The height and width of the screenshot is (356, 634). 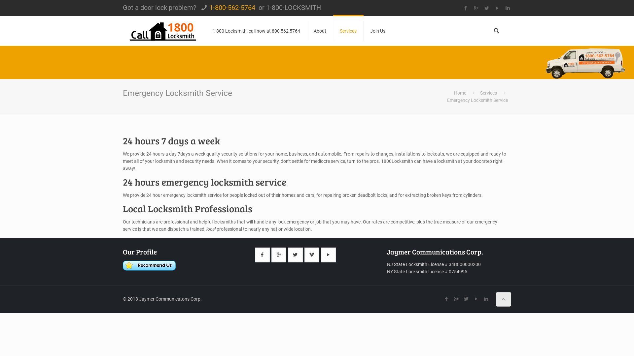 I want to click on '1-800-562-5764', so click(x=232, y=8).